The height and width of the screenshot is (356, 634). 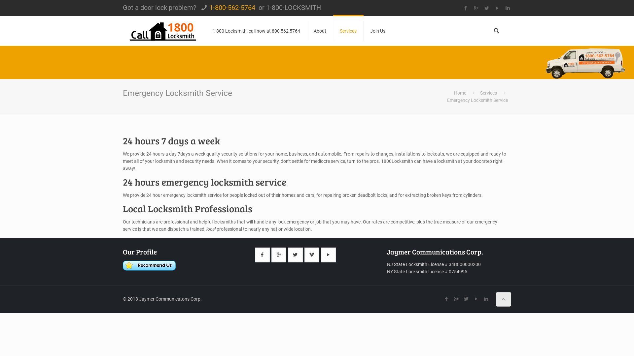 I want to click on '1-800-562-5764', so click(x=232, y=8).